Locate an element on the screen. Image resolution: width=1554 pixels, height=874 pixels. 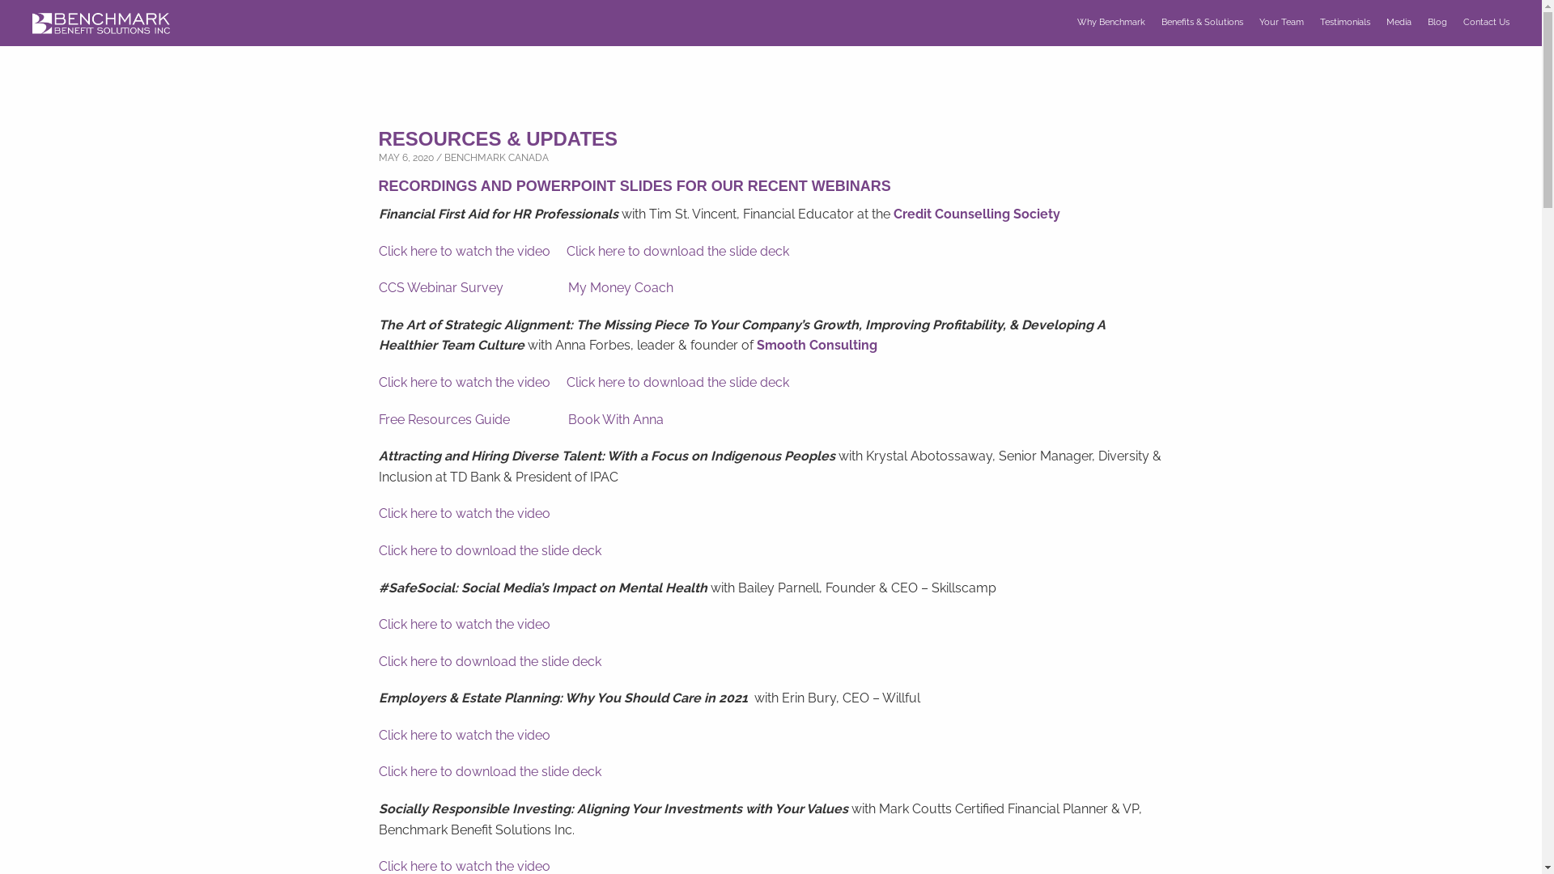
'Smooth Consulting' is located at coordinates (816, 344).